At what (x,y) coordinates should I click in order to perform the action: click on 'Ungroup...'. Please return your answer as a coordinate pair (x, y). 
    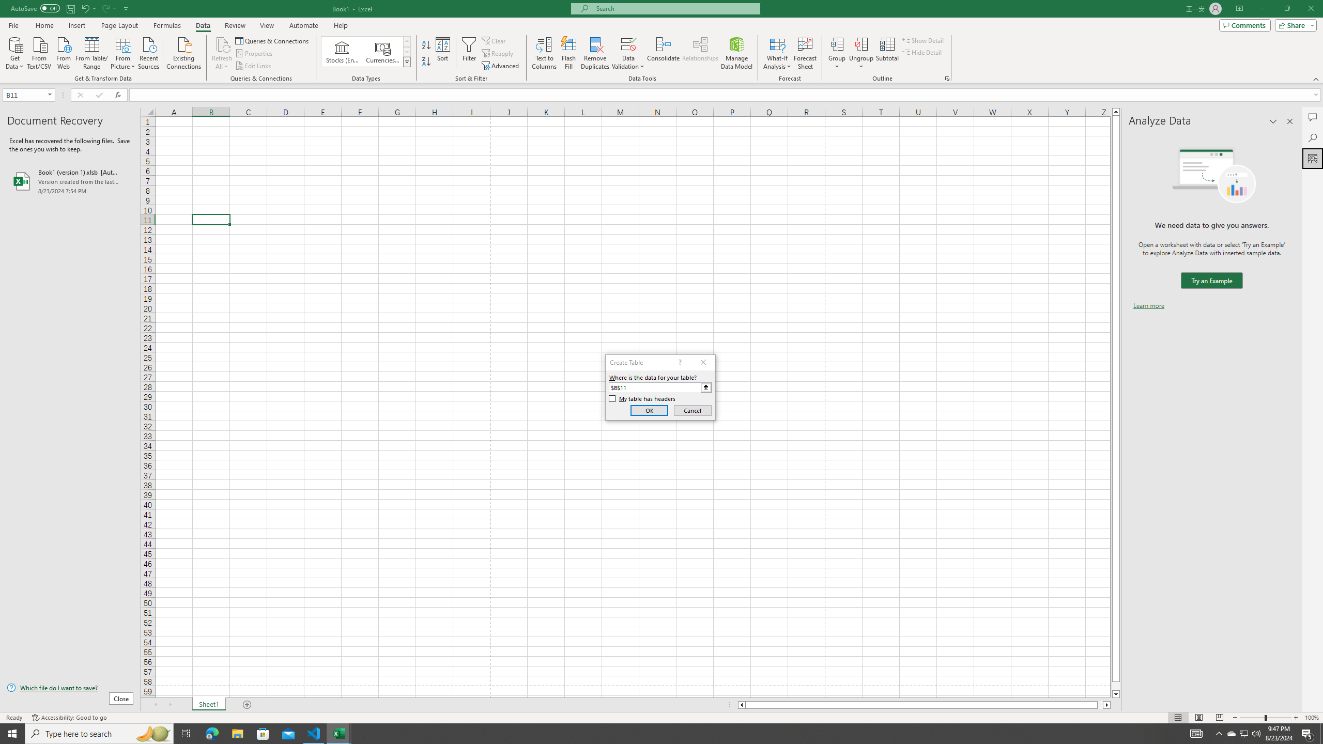
    Looking at the image, I should click on (861, 43).